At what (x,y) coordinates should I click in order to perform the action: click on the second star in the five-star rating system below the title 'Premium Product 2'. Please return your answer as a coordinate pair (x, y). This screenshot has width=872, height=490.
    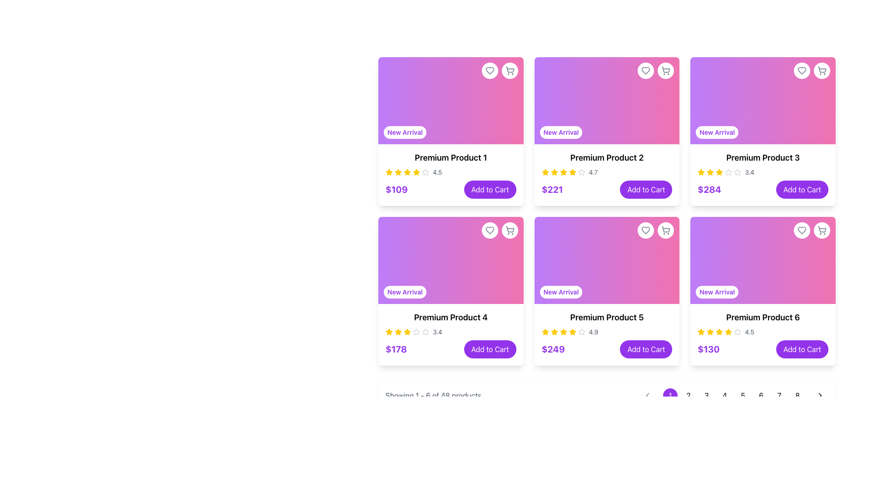
    Looking at the image, I should click on (545, 172).